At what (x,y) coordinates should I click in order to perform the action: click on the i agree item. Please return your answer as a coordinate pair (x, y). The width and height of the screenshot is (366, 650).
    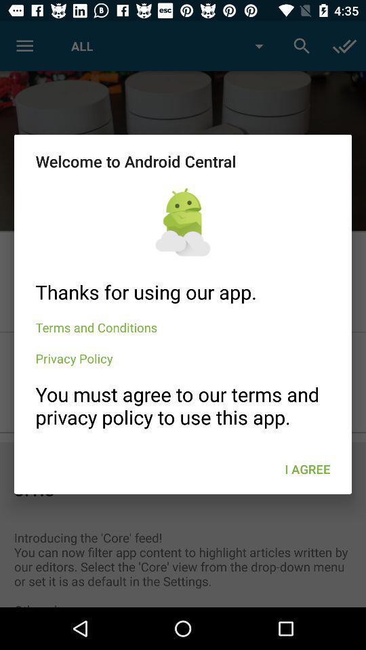
    Looking at the image, I should click on (307, 469).